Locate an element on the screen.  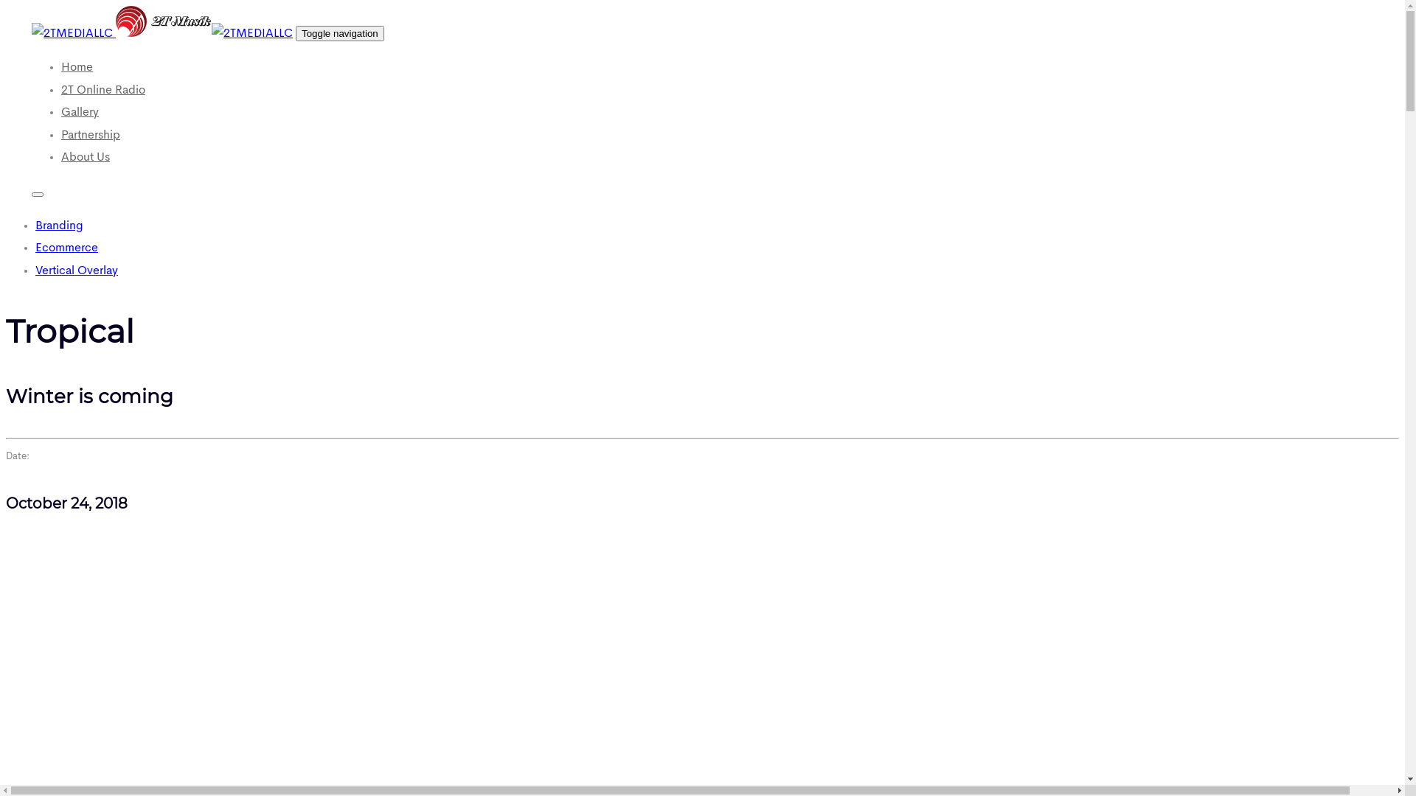
'Toggle navigation' is located at coordinates (295, 33).